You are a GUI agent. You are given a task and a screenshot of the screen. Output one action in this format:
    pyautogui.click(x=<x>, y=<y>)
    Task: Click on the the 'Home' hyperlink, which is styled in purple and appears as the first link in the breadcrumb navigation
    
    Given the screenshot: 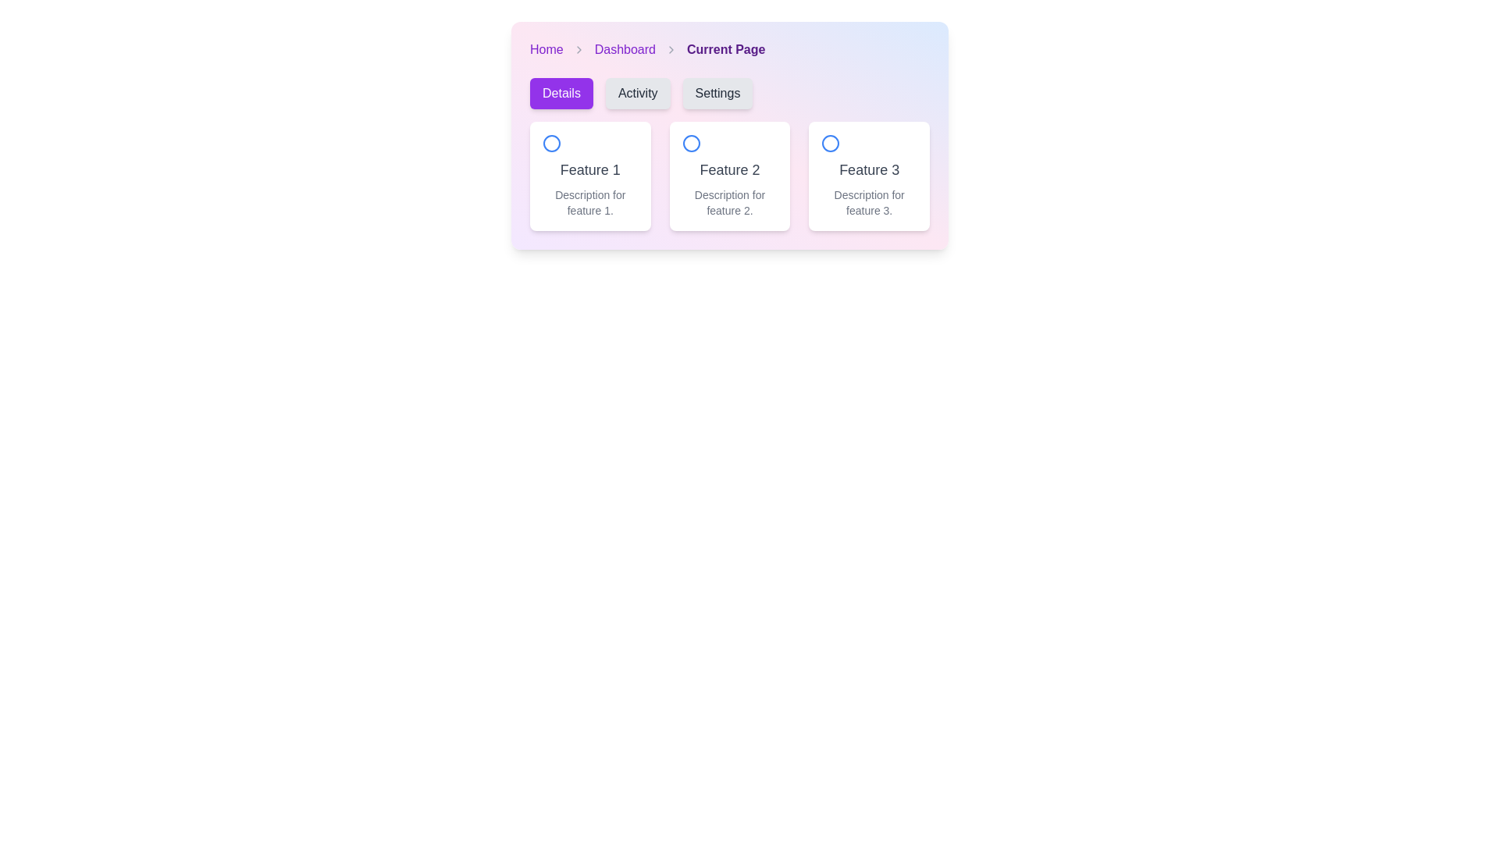 What is the action you would take?
    pyautogui.click(x=547, y=49)
    